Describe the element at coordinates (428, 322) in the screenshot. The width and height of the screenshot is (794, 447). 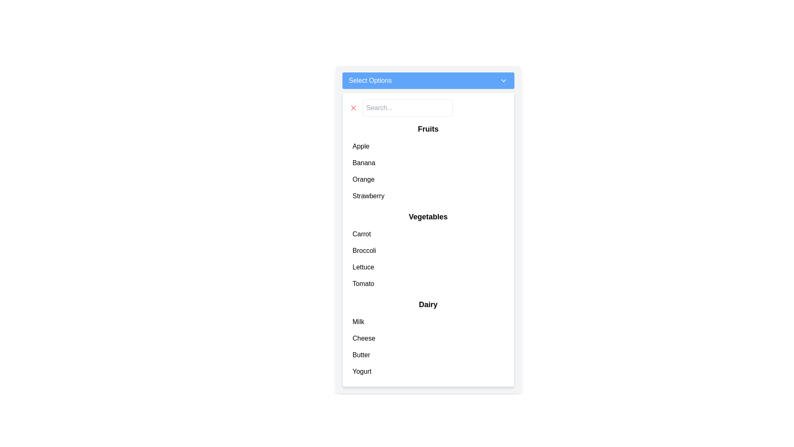
I see `the first item in the 'Dairy' section of the list` at that location.